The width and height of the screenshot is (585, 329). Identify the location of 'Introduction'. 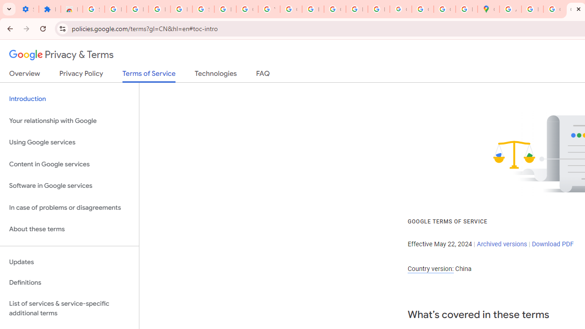
(69, 99).